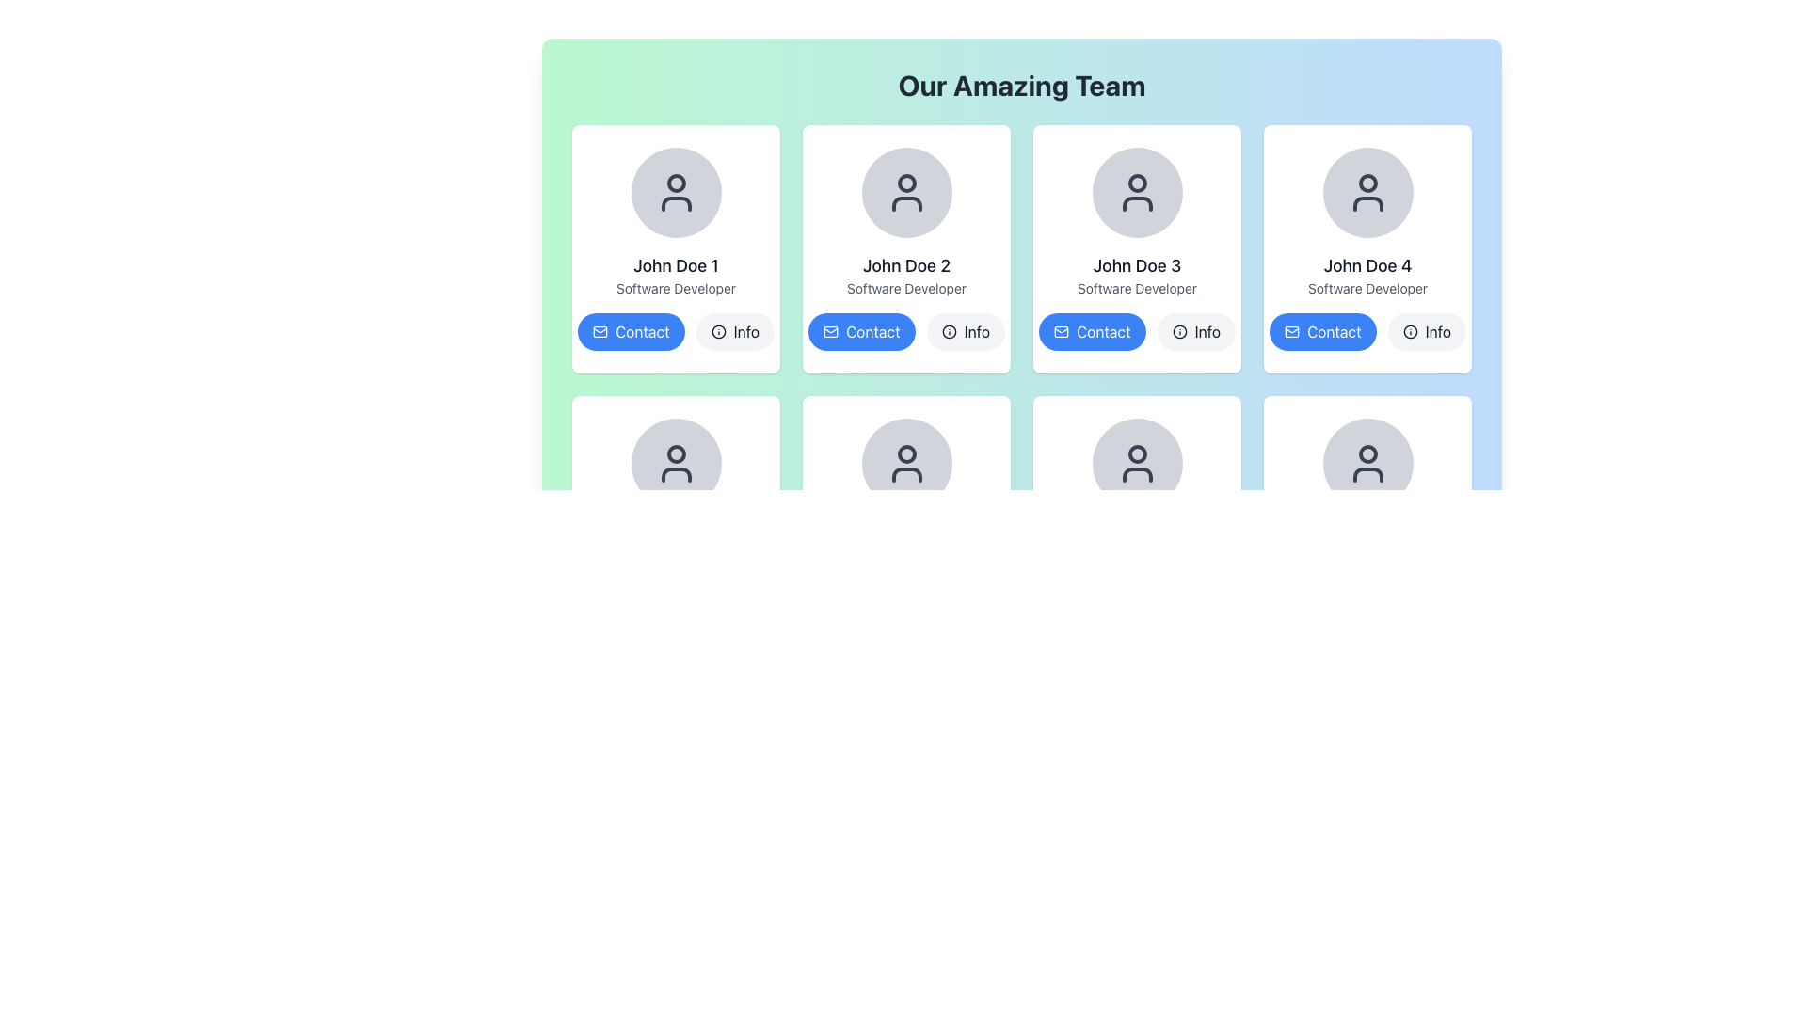 Image resolution: width=1807 pixels, height=1016 pixels. I want to click on the curved line resembling a portion of the decorative user icon for 'John Doe 1' located in the top-left profile card under the 'Our Amazing Team' header, so click(676, 203).